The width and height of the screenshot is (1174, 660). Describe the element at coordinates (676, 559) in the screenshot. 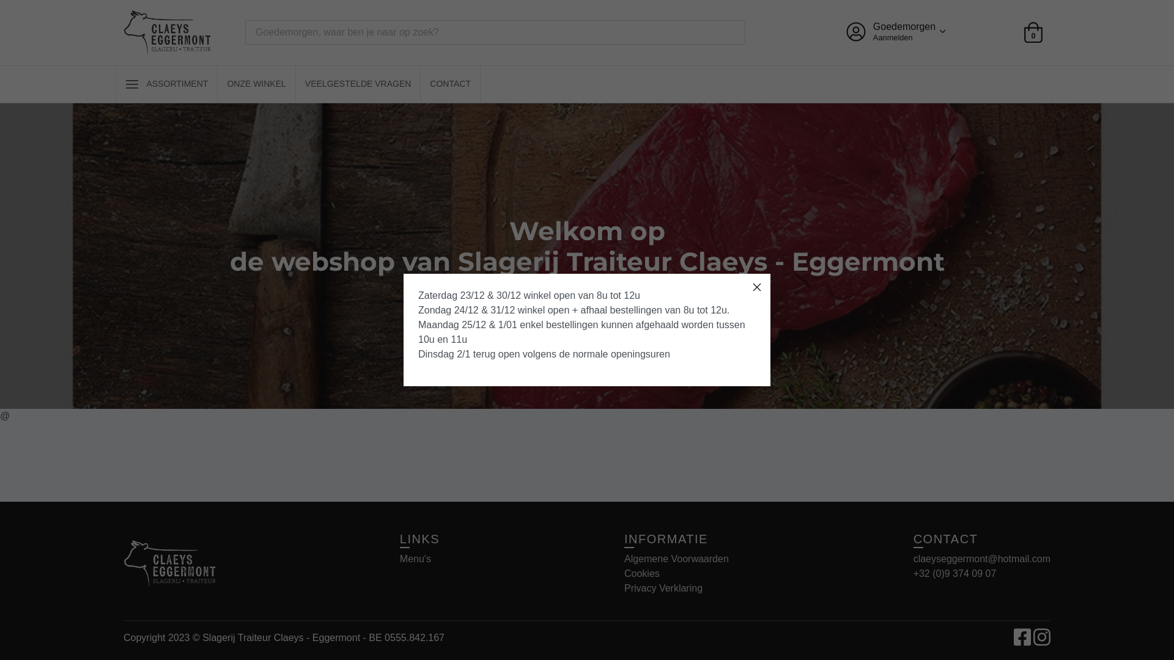

I see `'Algemene Voorwaarden'` at that location.